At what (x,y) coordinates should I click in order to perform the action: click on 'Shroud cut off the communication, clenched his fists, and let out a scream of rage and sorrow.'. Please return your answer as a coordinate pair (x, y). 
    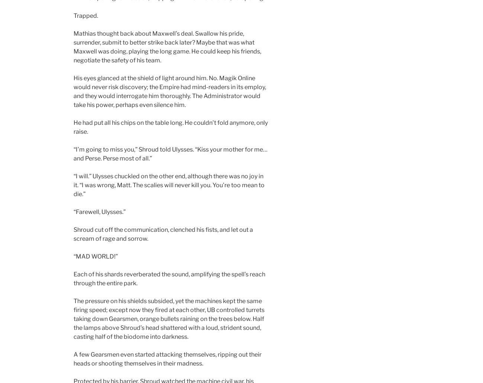
    Looking at the image, I should click on (73, 234).